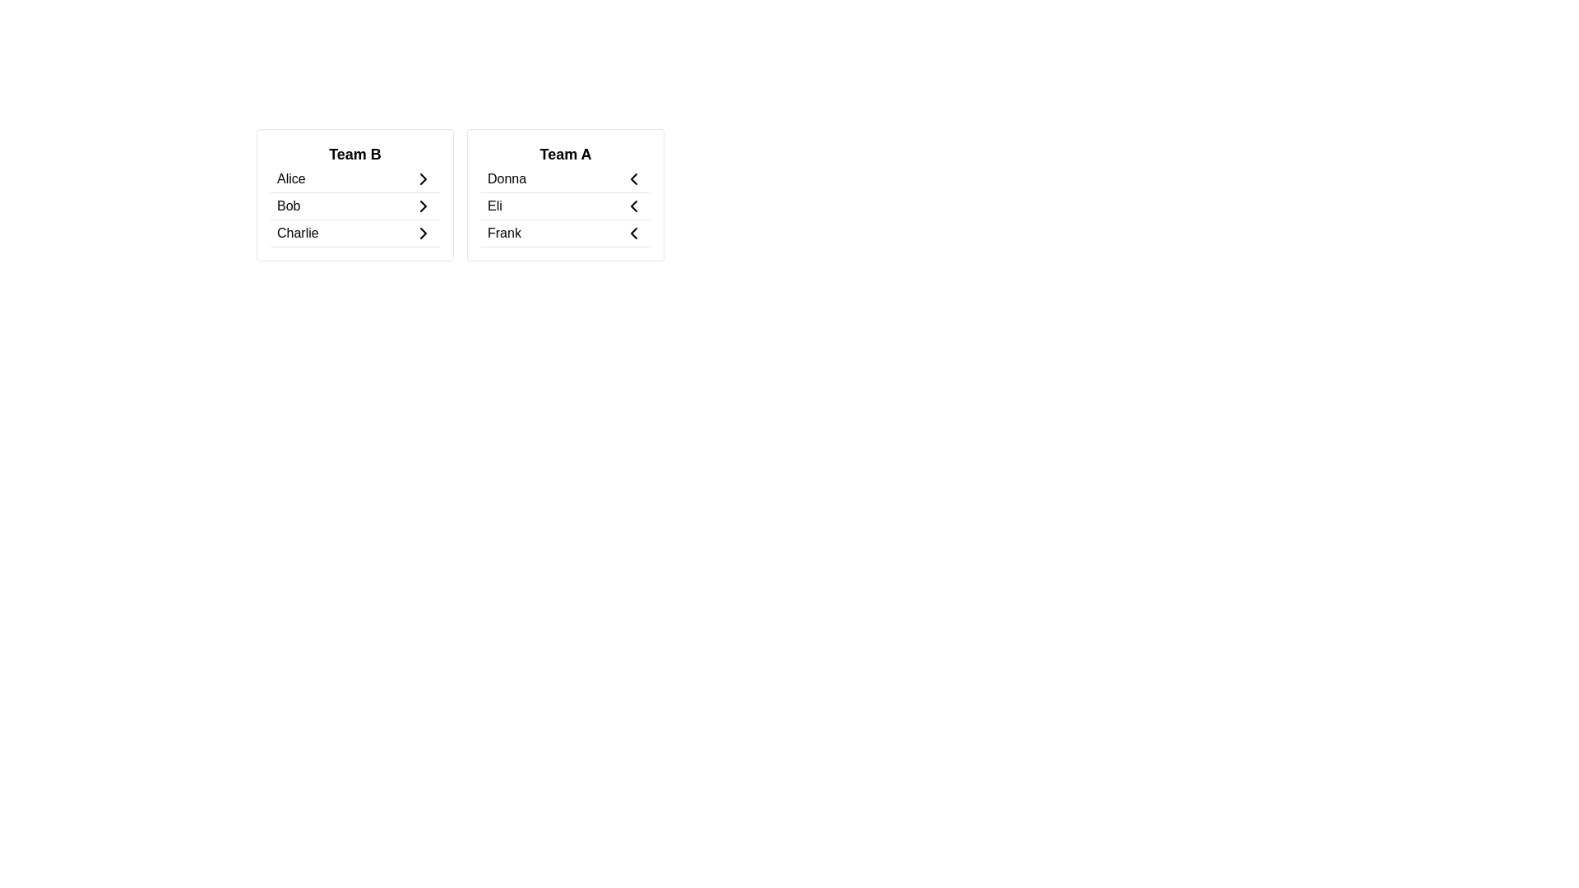  Describe the element at coordinates (354, 234) in the screenshot. I see `the team member entry Charlie` at that location.